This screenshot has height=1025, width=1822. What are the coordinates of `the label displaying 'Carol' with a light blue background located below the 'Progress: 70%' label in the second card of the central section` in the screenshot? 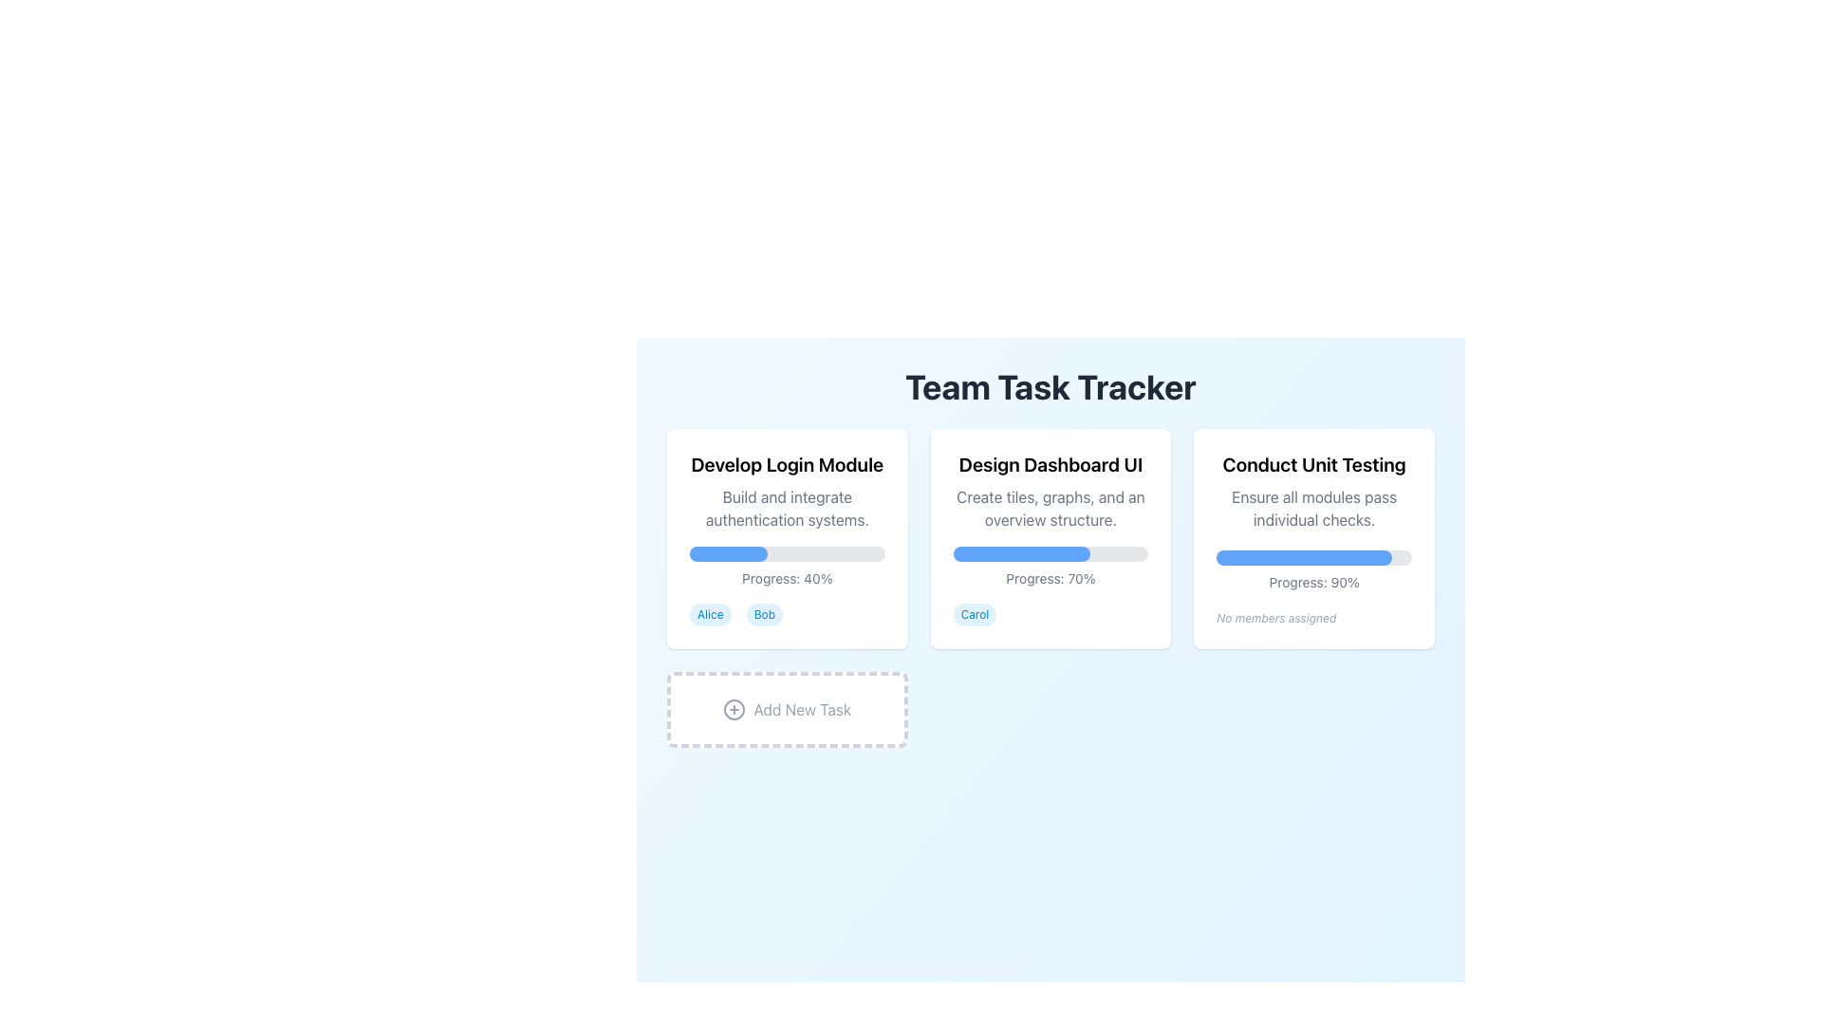 It's located at (975, 615).